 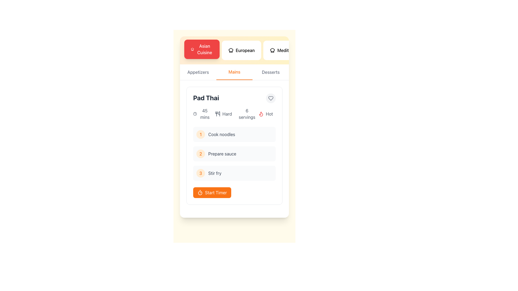 I want to click on the timer icon located in the 'Start Timer' button at the bottom of the Pad Thai recipe card, so click(x=200, y=192).